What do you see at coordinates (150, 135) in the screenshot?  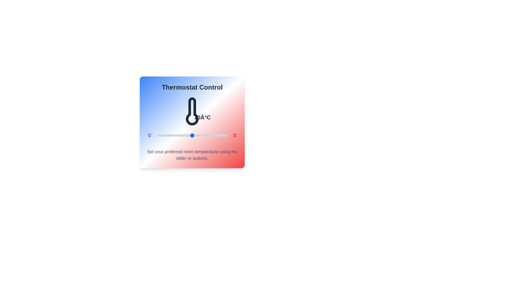 I see `down button to decrease the temperature by 1 degree` at bounding box center [150, 135].